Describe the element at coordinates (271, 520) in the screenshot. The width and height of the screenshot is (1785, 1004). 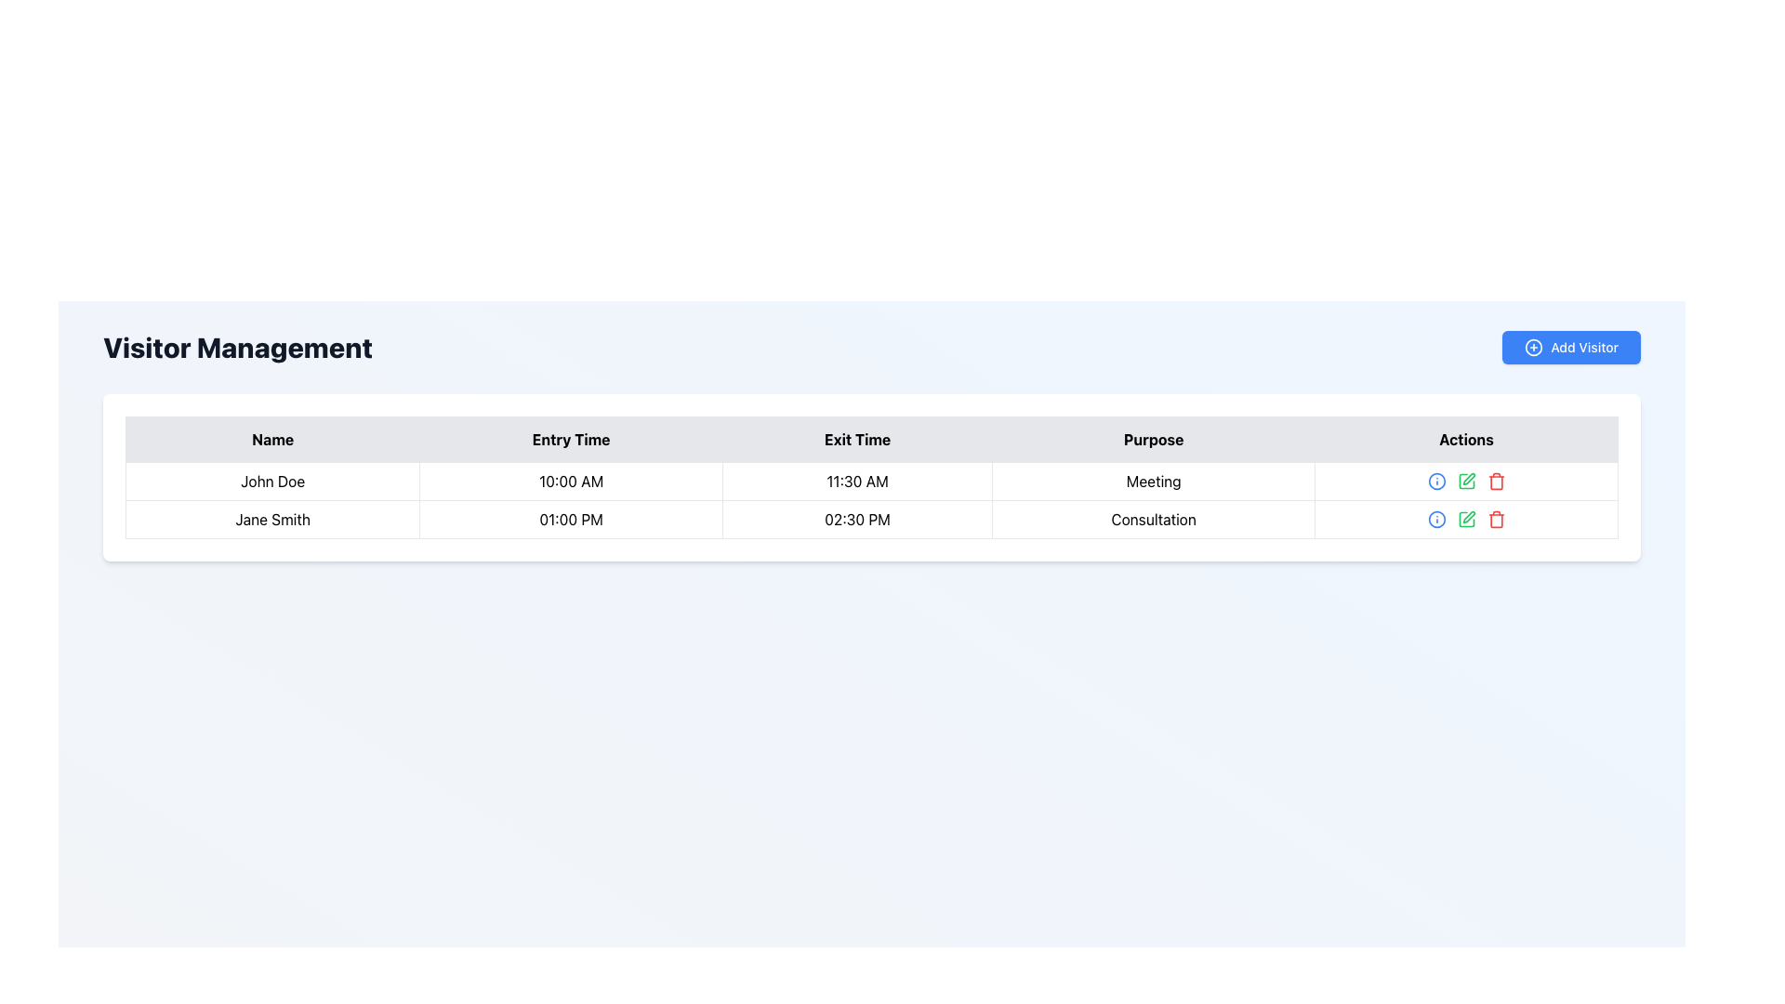
I see `the text label displaying the visitor's name in the second row of the 'Visitor Management' table` at that location.